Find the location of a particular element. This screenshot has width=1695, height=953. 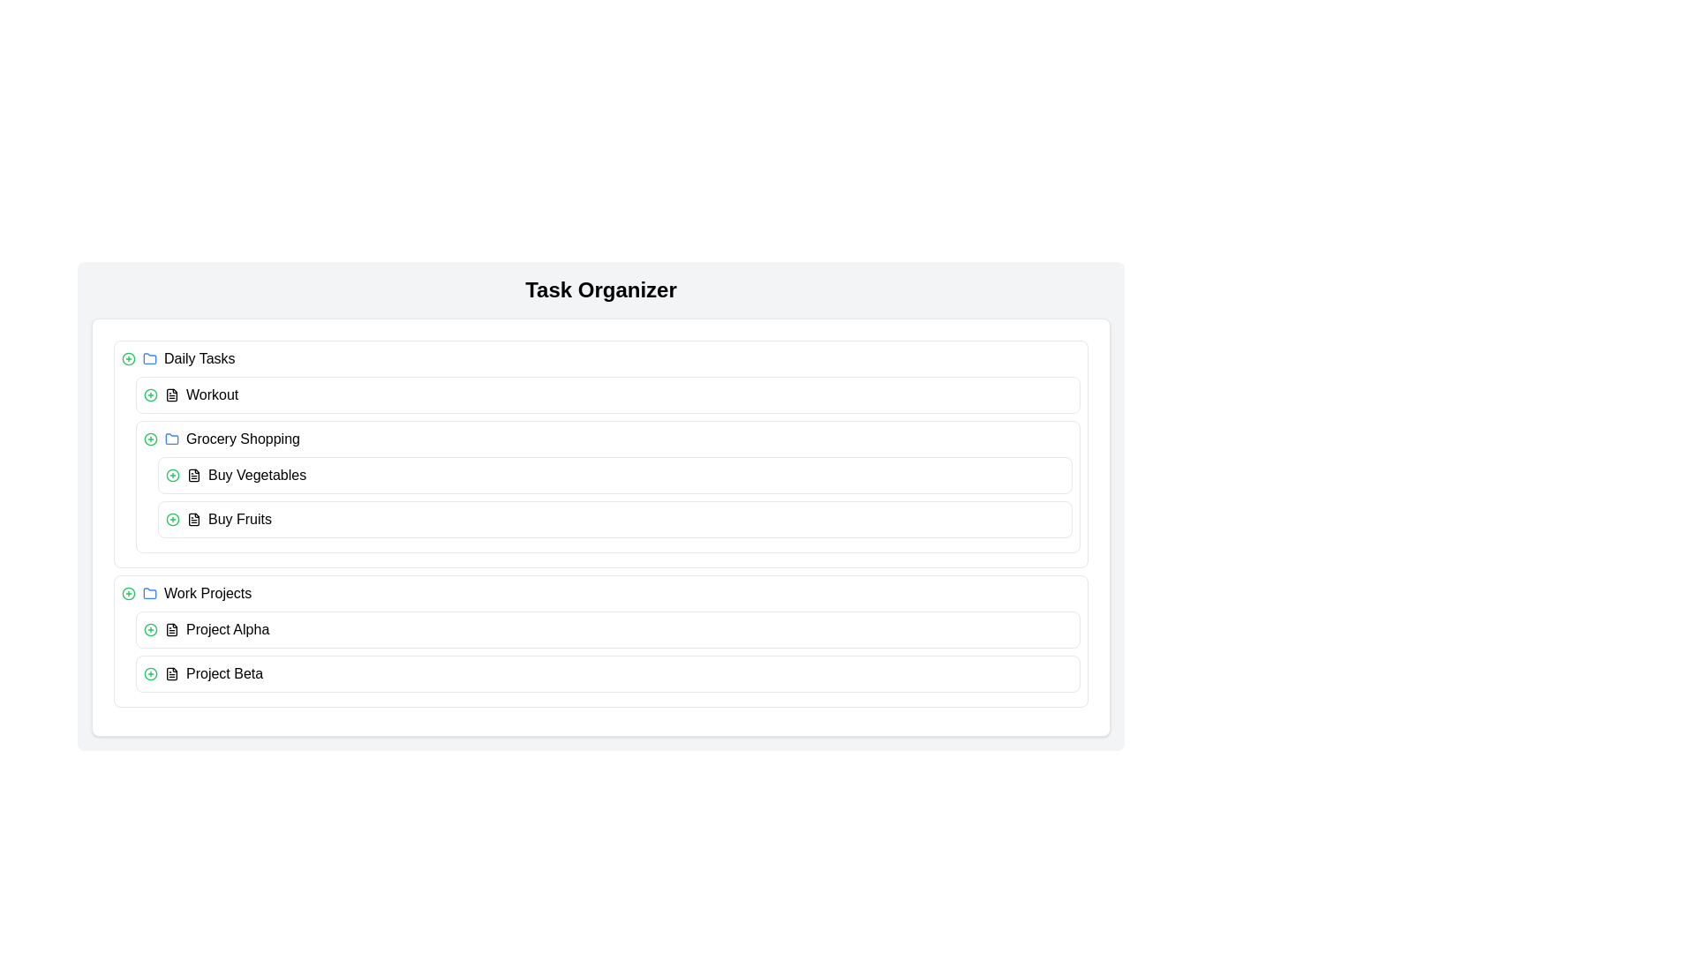

the icon representing a blank paper-like document format located beside the text 'Buy Vegetables' in the 'Grocery Shopping' section under 'Daily Tasks' is located at coordinates (194, 475).